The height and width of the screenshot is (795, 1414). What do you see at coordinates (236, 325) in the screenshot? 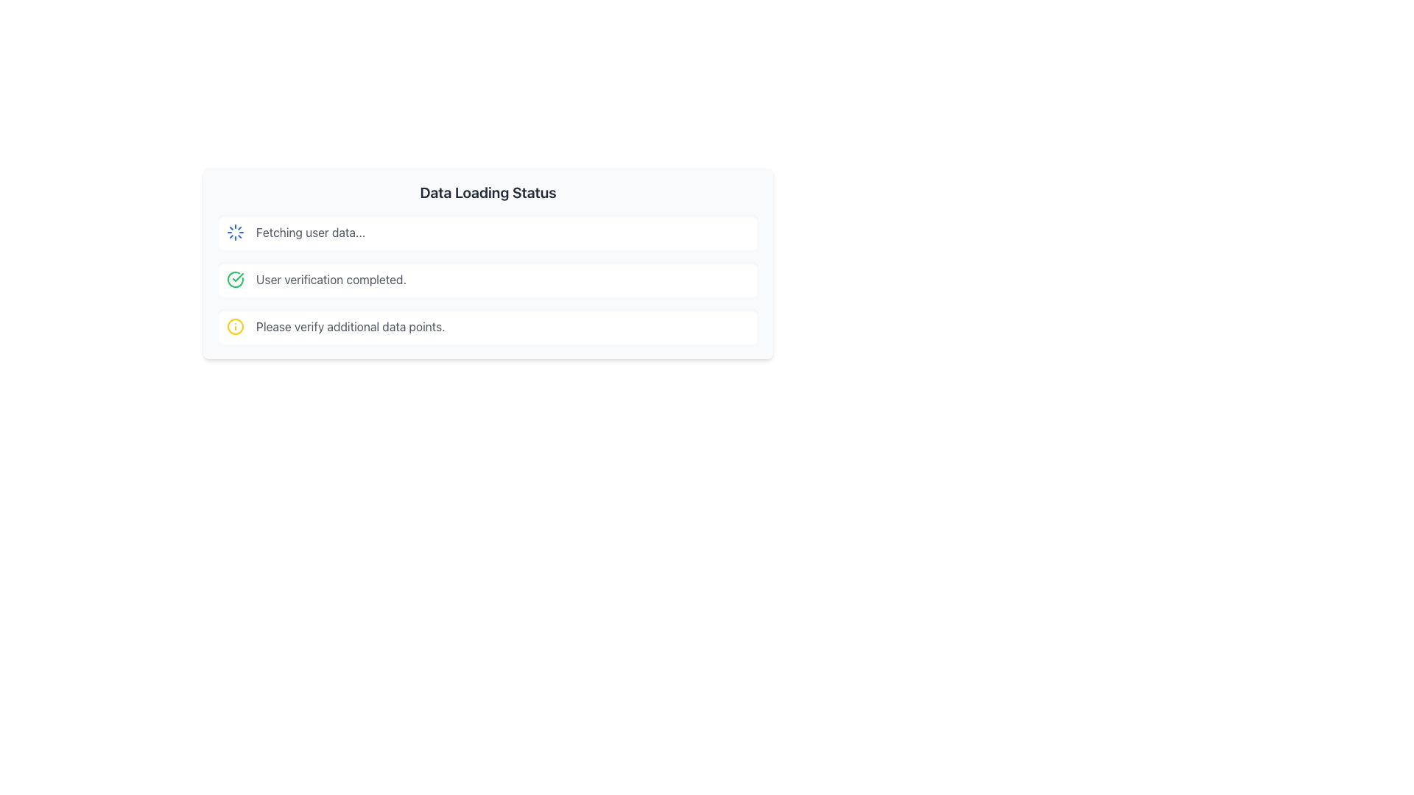
I see `the circular information icon with a yellow outline located in the third line of the section titled 'Please verify additional data points'` at bounding box center [236, 325].